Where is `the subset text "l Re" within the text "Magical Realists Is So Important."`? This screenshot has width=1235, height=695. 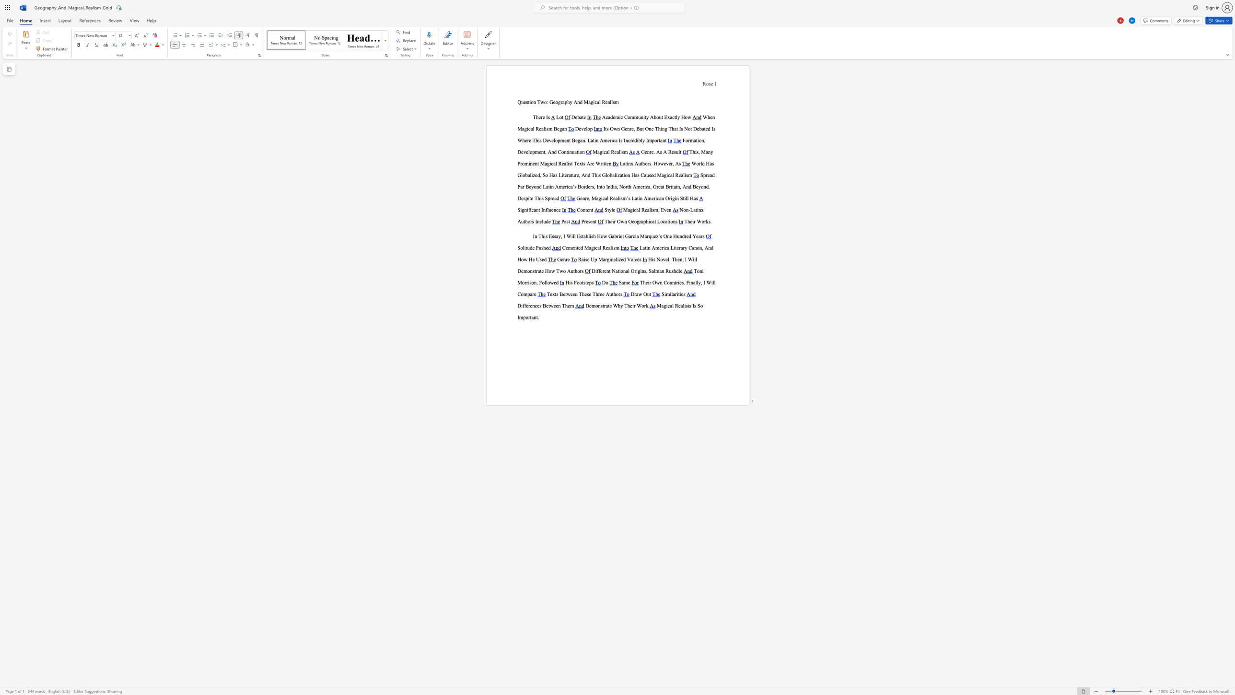
the subset text "l Re" within the text "Magical Realists Is So Important." is located at coordinates (672, 305).